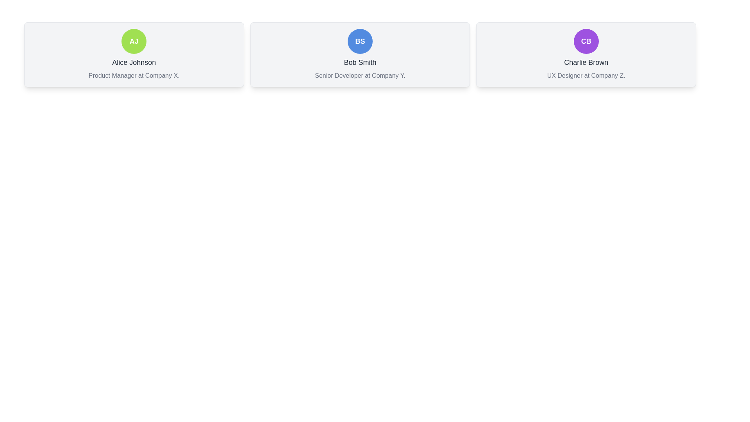  Describe the element at coordinates (586, 62) in the screenshot. I see `the text label that identifies the individual within the card, which is part of a professional interface containing an avatar and job title` at that location.